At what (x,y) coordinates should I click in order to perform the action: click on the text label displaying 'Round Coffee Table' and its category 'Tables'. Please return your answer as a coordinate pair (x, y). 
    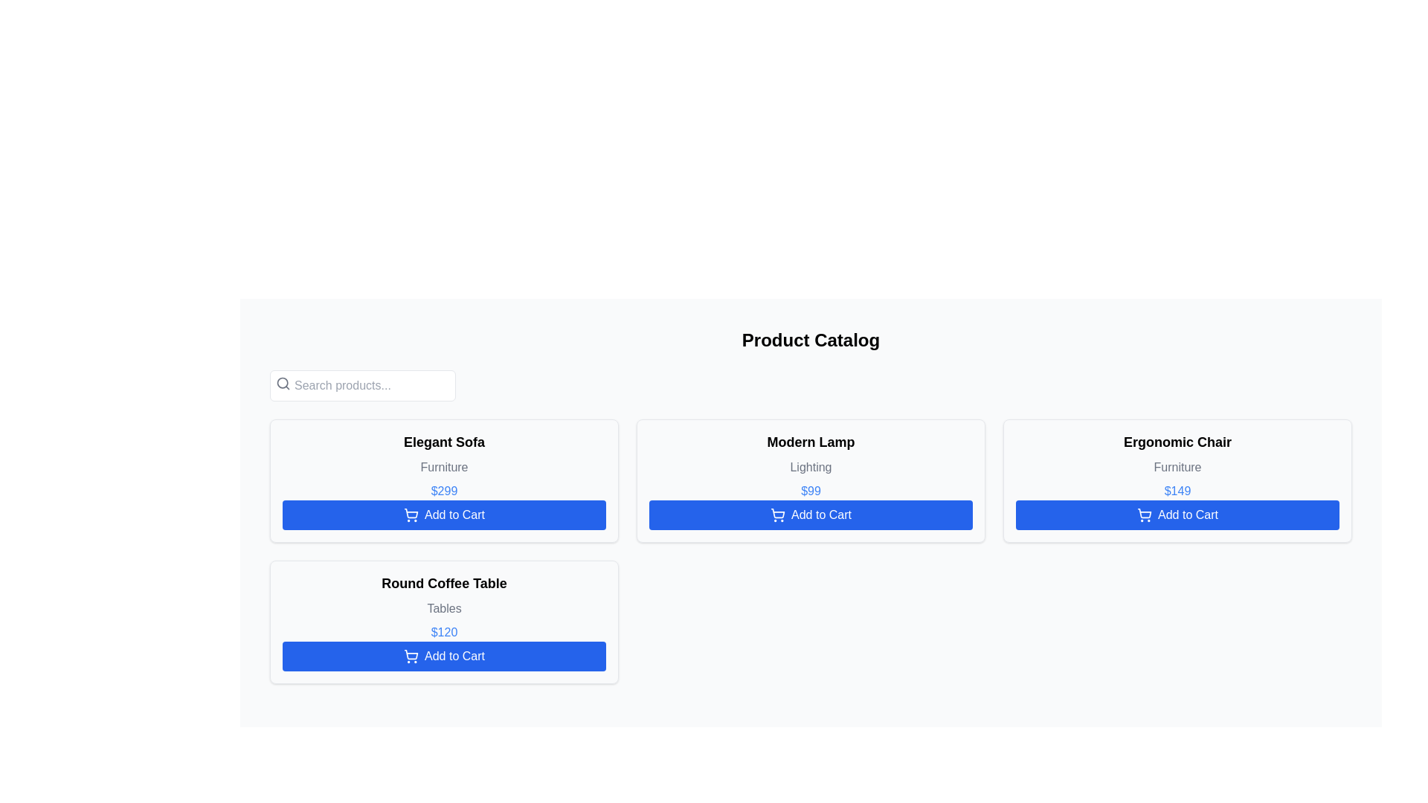
    Looking at the image, I should click on (443, 595).